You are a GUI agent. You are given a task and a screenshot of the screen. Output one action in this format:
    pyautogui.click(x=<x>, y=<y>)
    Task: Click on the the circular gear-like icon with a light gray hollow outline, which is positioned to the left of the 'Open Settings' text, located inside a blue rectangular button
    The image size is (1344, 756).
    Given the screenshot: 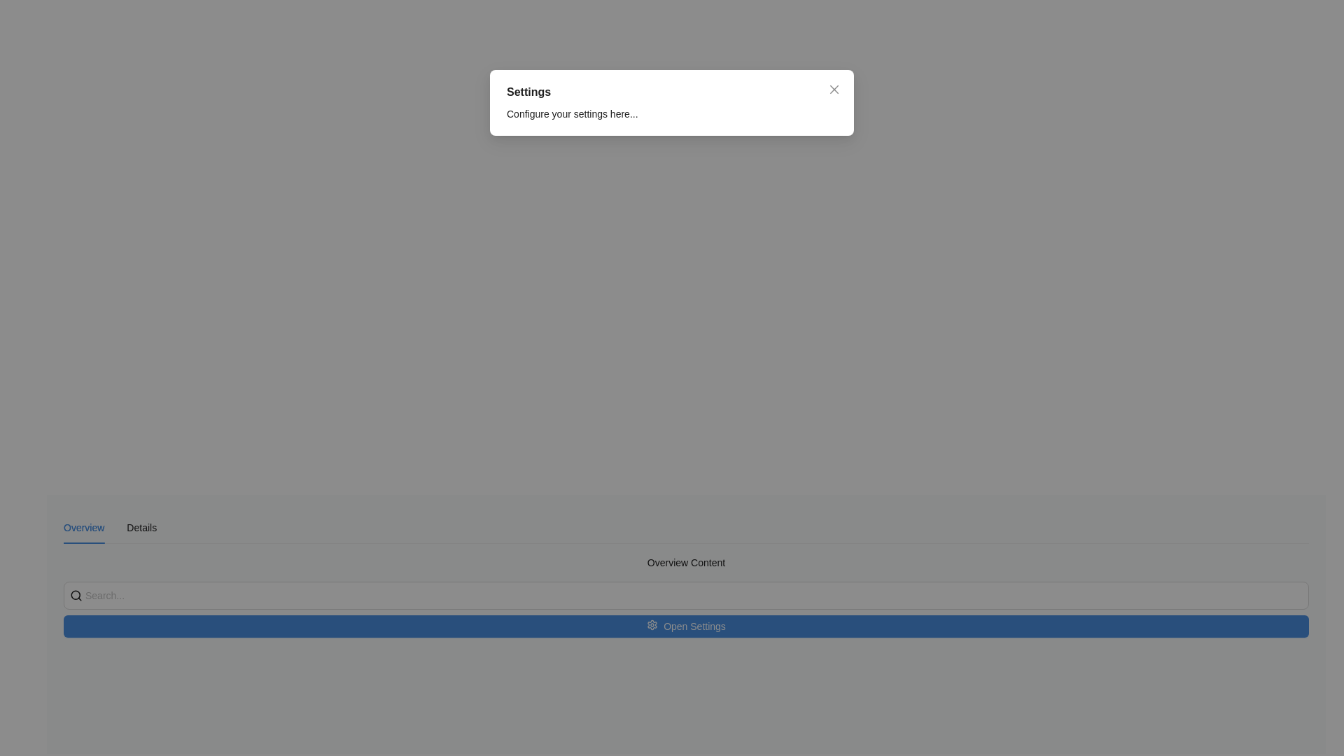 What is the action you would take?
    pyautogui.click(x=652, y=625)
    